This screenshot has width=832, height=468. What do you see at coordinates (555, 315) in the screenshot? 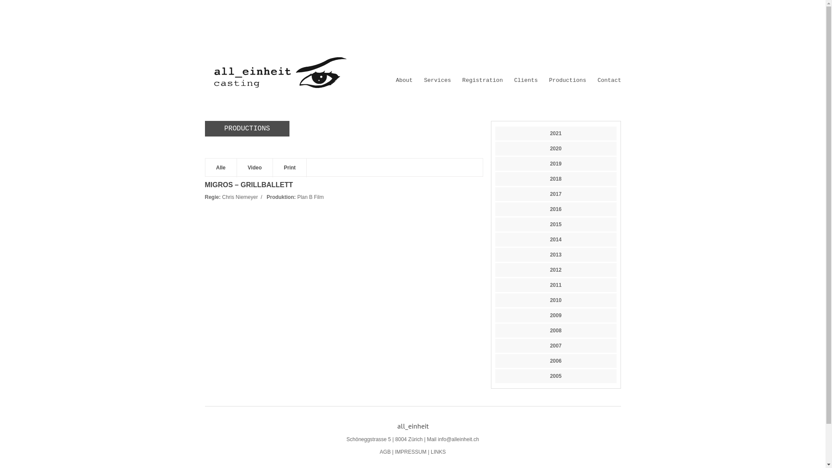
I see `'2009'` at bounding box center [555, 315].